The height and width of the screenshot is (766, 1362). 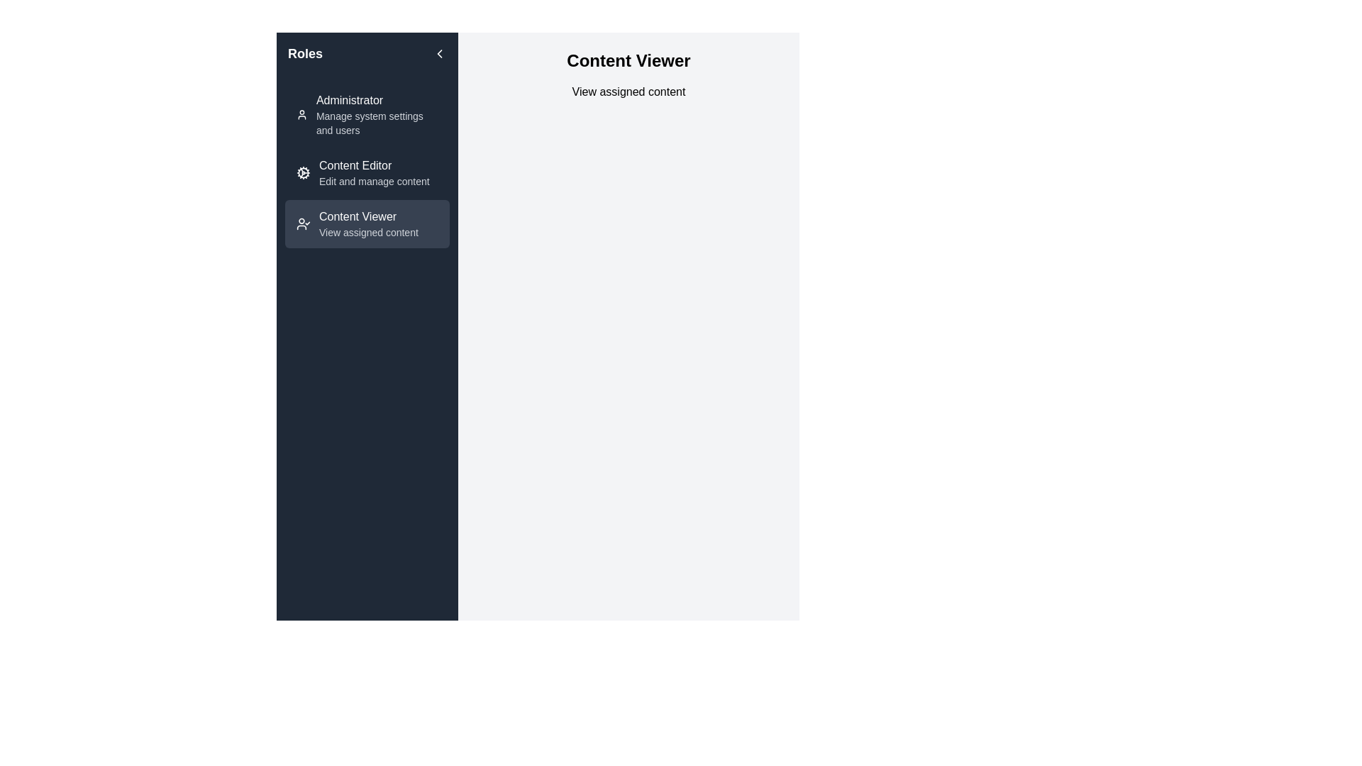 I want to click on the Text Label that serves as a description for the 'Content Editor' section, positioned directly beneath the 'Content Editor' title in the sidebar, so click(x=374, y=180).